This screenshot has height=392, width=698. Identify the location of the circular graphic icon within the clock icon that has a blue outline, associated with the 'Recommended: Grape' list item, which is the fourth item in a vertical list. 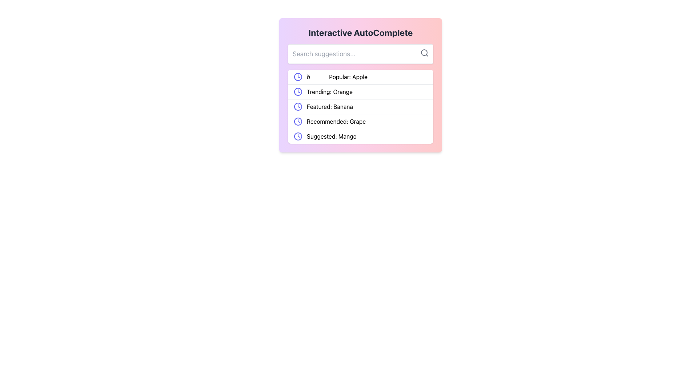
(298, 121).